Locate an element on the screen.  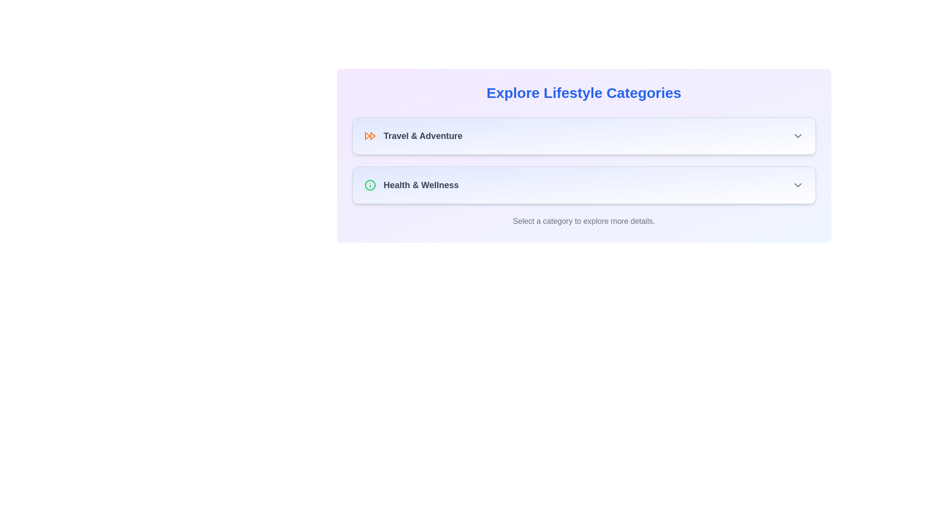
text header labeled 'Explore Lifestyle Categories' which is styled in large, bold, blue font and centrally aligned at the top center of the category selection interface is located at coordinates (583, 93).